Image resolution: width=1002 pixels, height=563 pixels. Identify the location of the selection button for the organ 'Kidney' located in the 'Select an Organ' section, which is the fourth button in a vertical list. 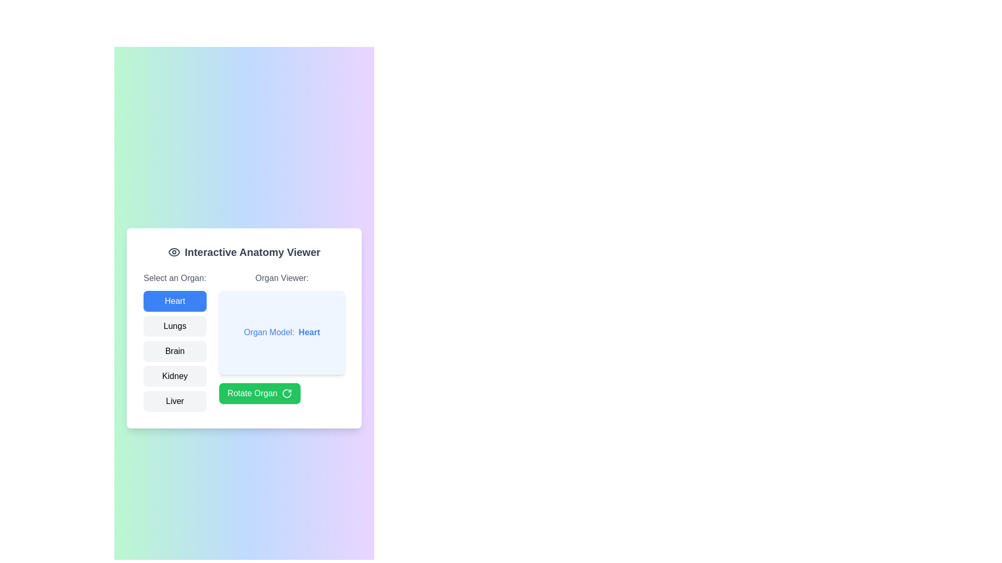
(175, 376).